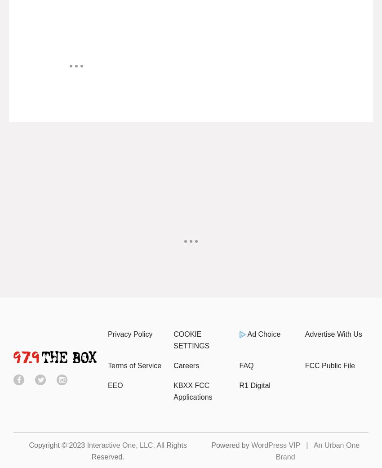 This screenshot has height=468, width=382. I want to click on 'FAQ', so click(245, 365).